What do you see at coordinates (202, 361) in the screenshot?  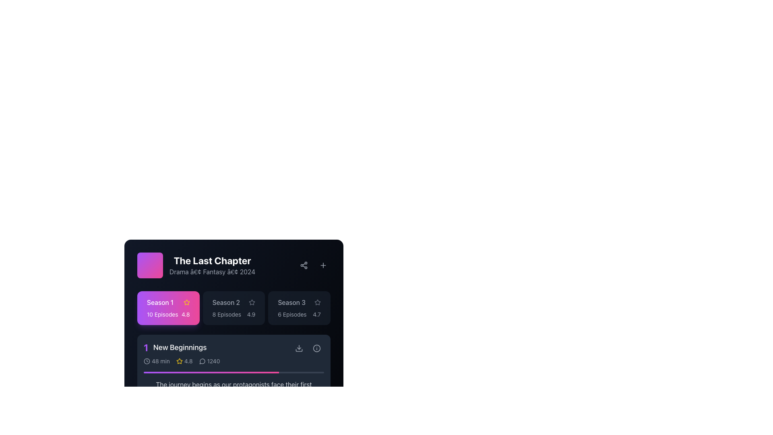 I see `the communication icon located beneath the 'New Beginnings' section, immediately` at bounding box center [202, 361].